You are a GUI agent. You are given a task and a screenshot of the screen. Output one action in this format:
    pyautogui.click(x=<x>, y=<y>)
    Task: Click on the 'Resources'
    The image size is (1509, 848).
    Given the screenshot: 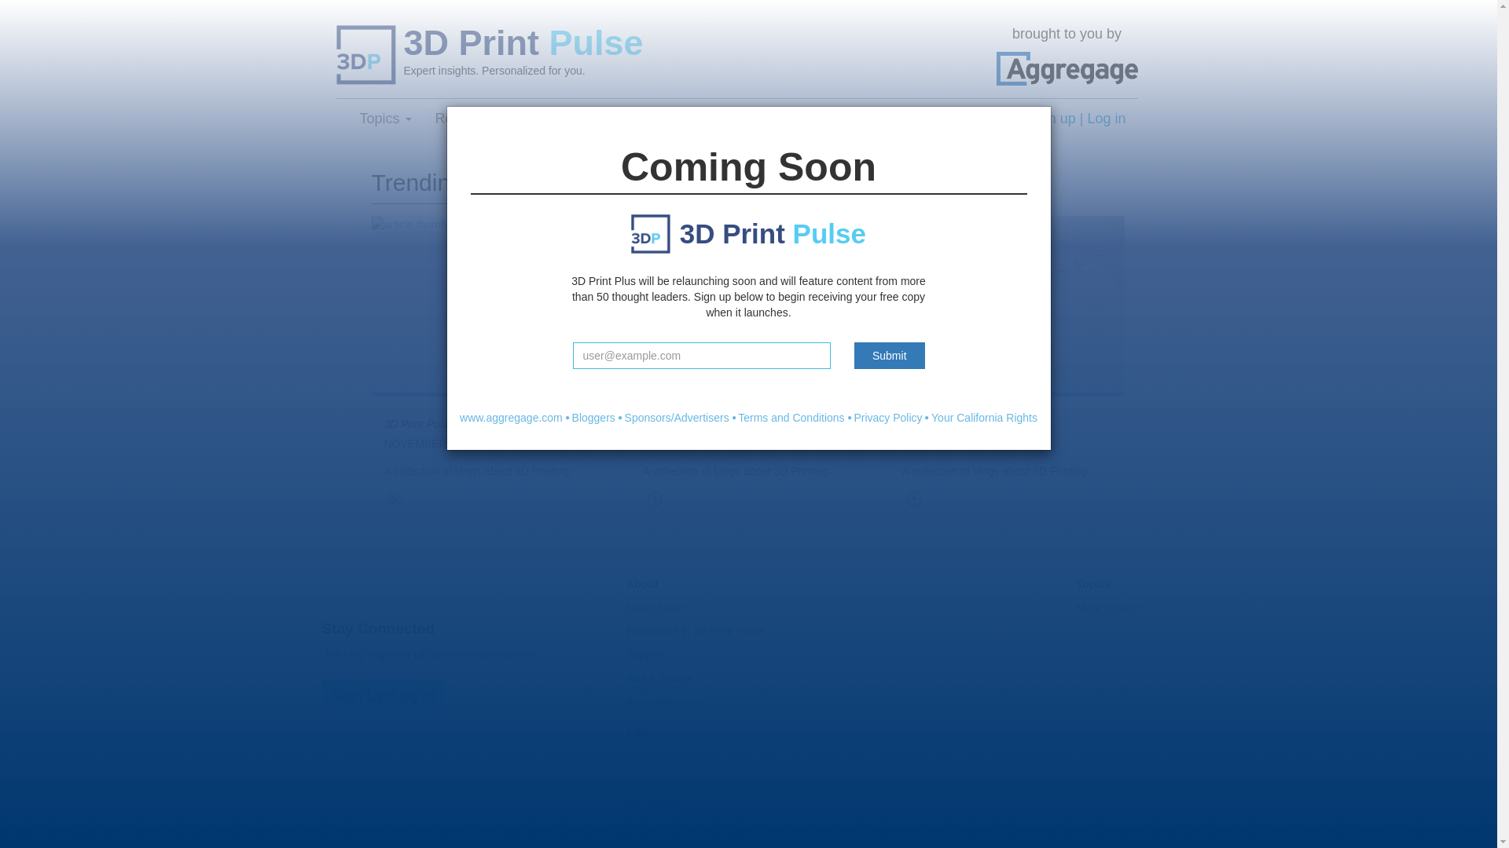 What is the action you would take?
    pyautogui.click(x=474, y=117)
    